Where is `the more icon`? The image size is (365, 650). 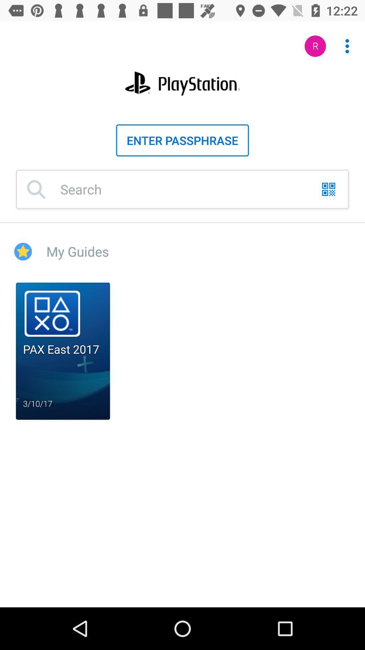 the more icon is located at coordinates (347, 46).